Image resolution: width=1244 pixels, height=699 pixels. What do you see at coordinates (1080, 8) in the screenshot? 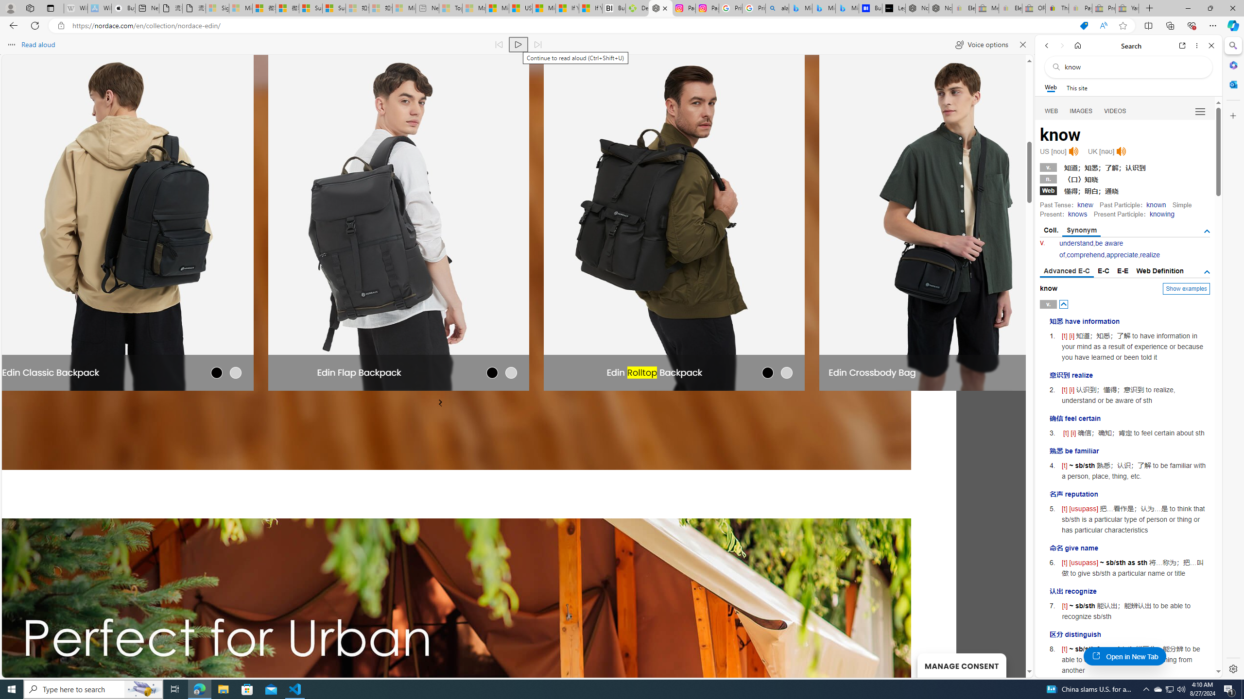
I see `'Payments Terms of Use | eBay.com - Sleeping'` at bounding box center [1080, 8].